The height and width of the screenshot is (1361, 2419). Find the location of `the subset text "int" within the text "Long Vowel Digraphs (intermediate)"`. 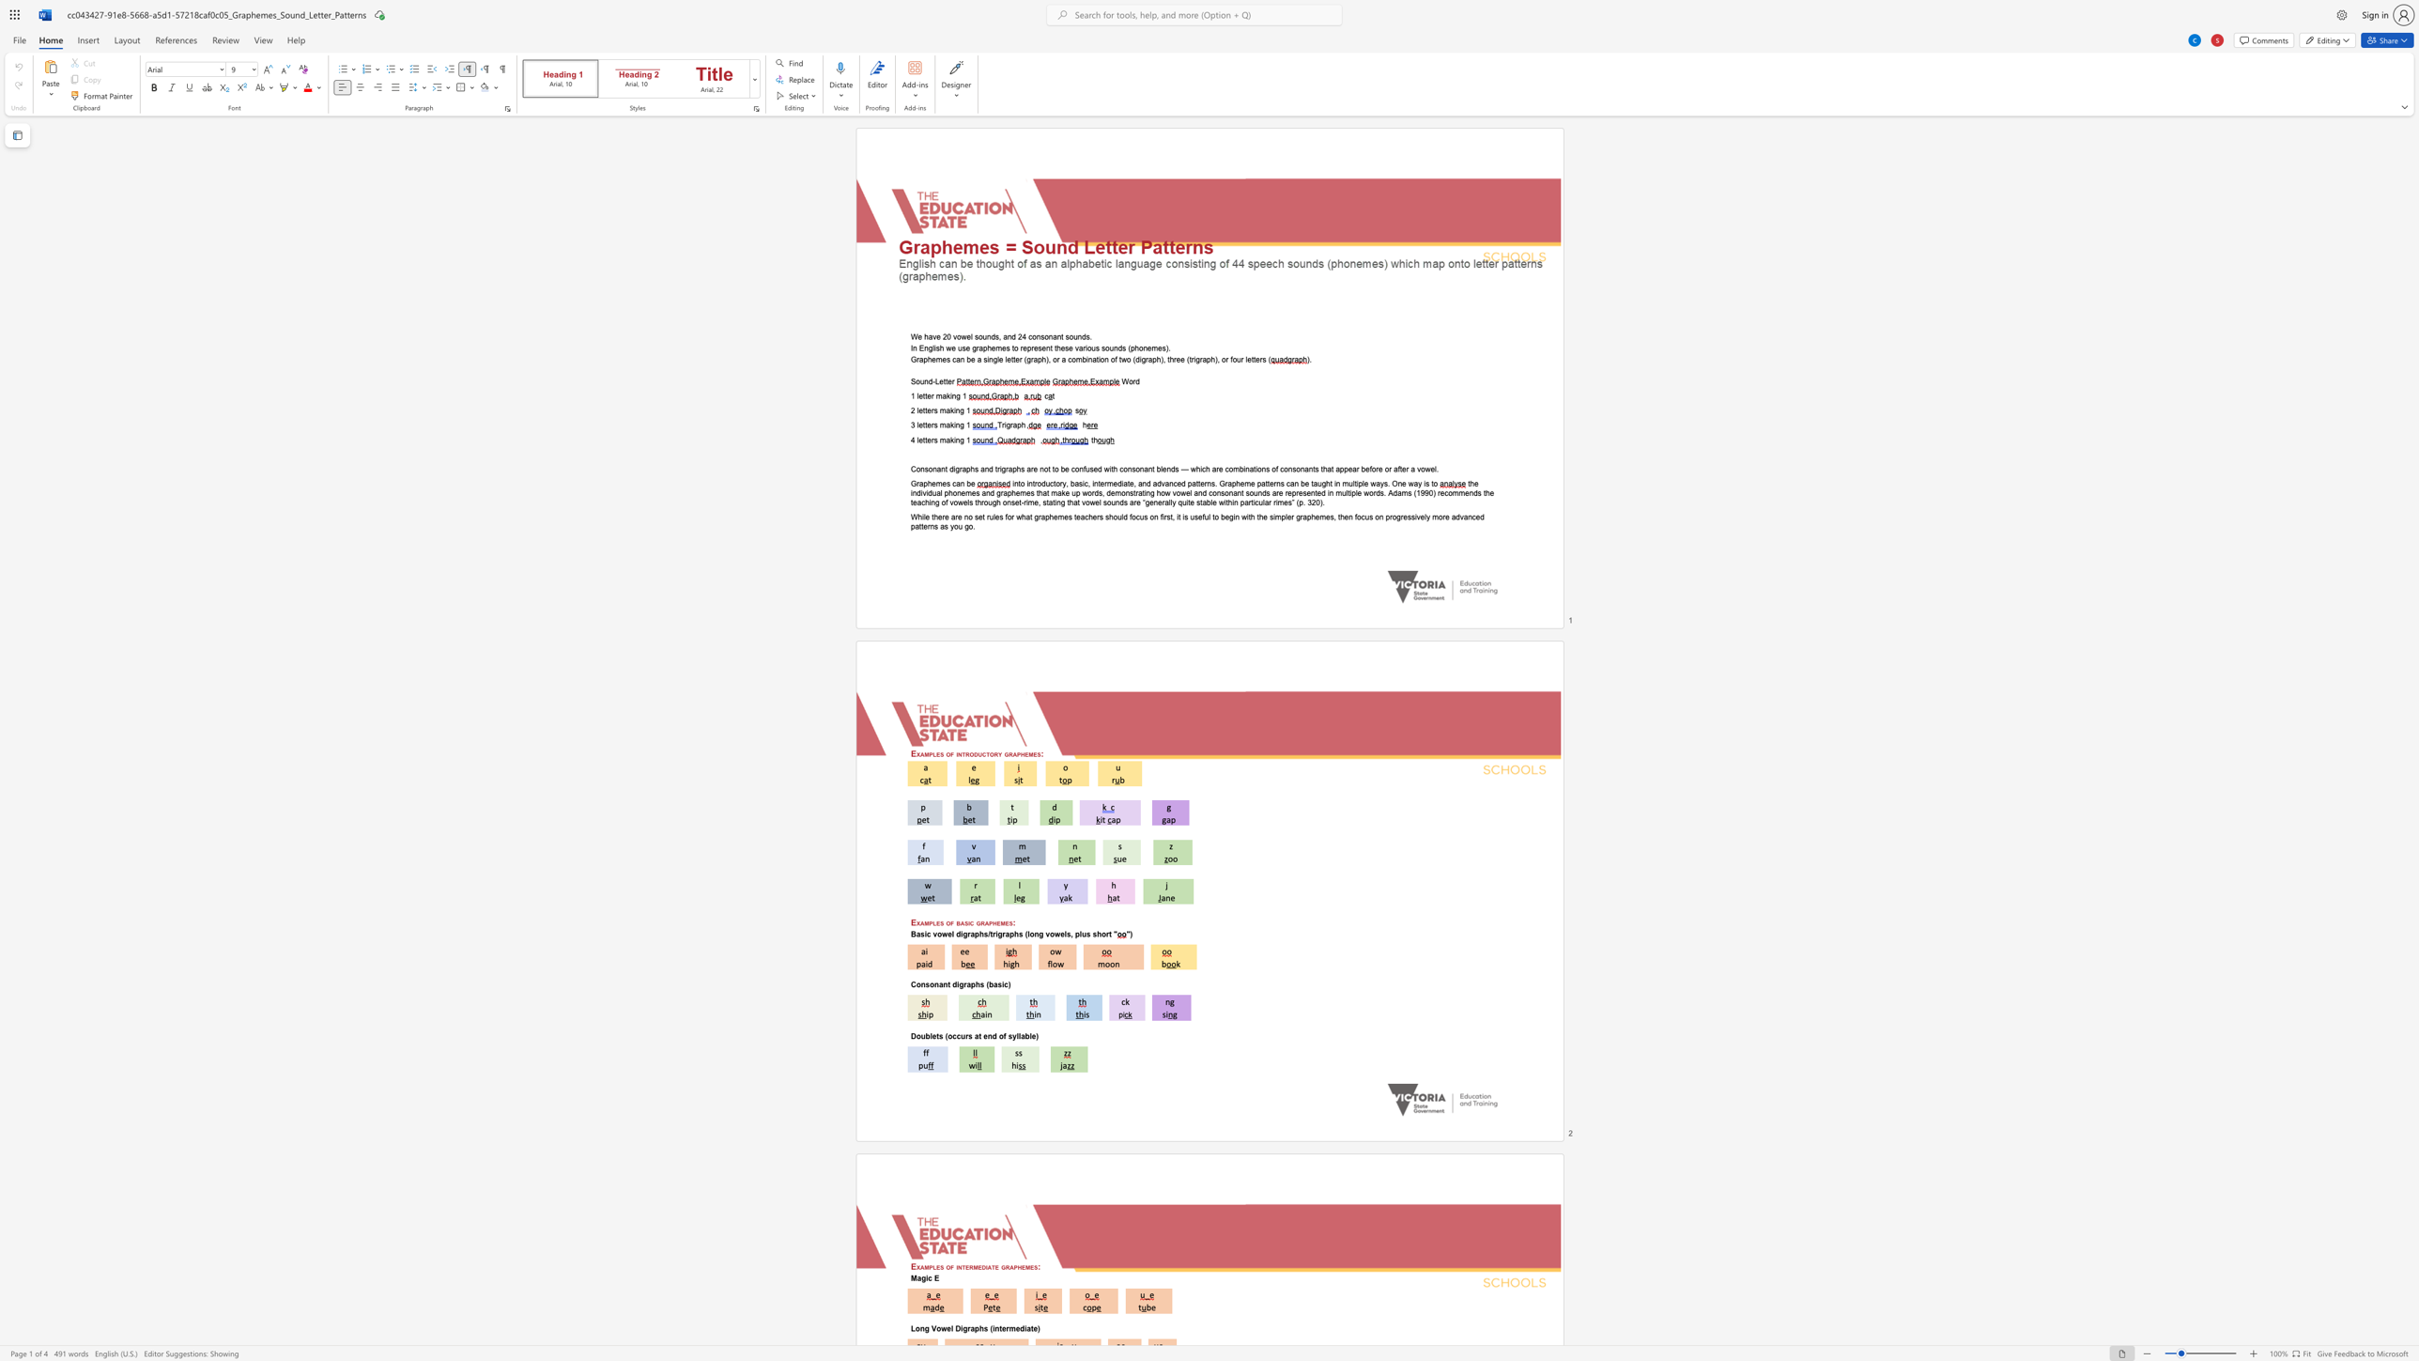

the subset text "int" within the text "Long Vowel Digraphs (intermediate)" is located at coordinates (992, 1327).